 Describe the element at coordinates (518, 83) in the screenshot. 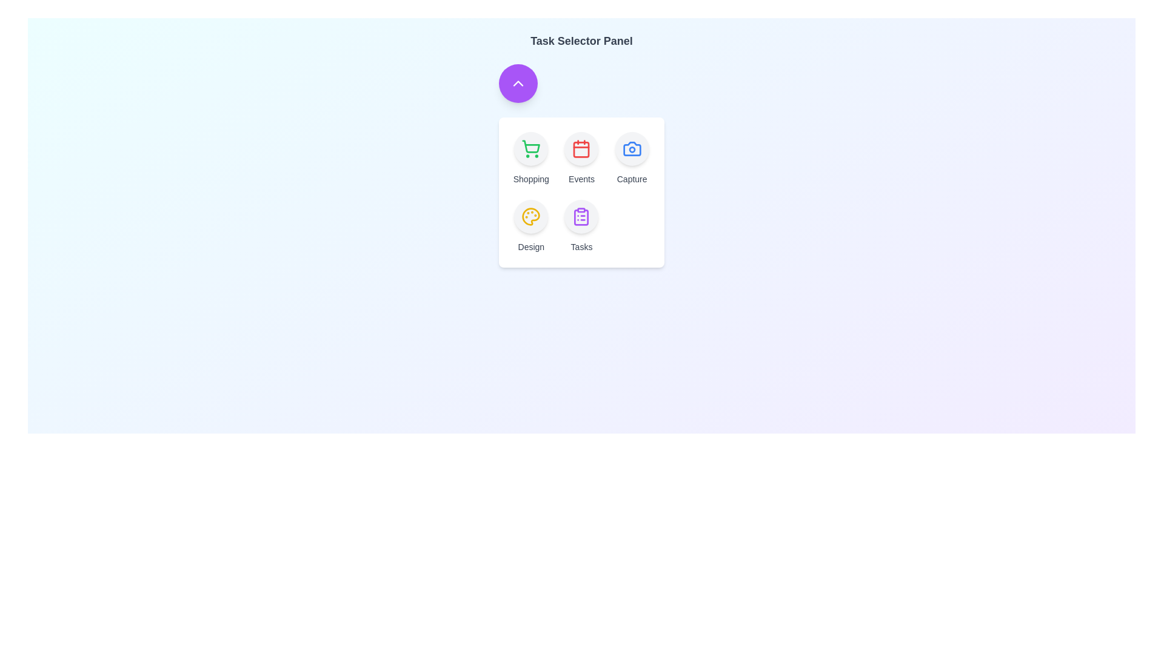

I see `the toggle button to toggle the menu open or closed` at that location.